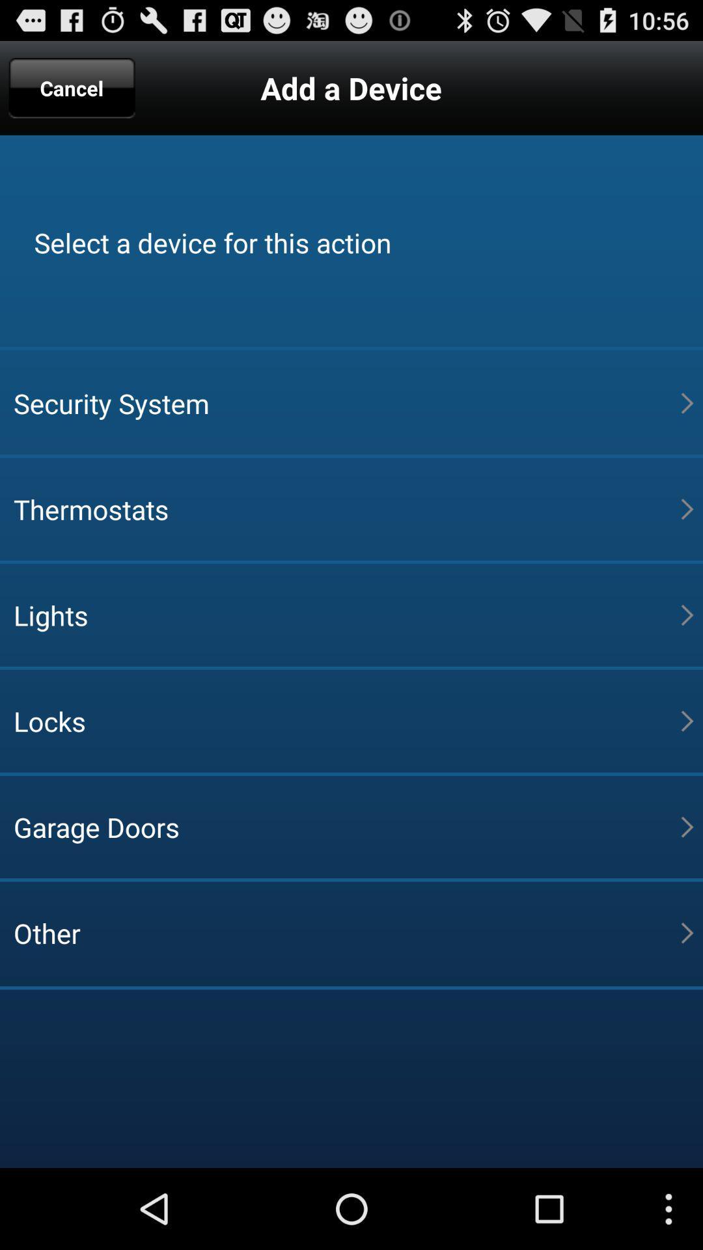 This screenshot has width=703, height=1250. Describe the element at coordinates (346, 720) in the screenshot. I see `locks icon` at that location.